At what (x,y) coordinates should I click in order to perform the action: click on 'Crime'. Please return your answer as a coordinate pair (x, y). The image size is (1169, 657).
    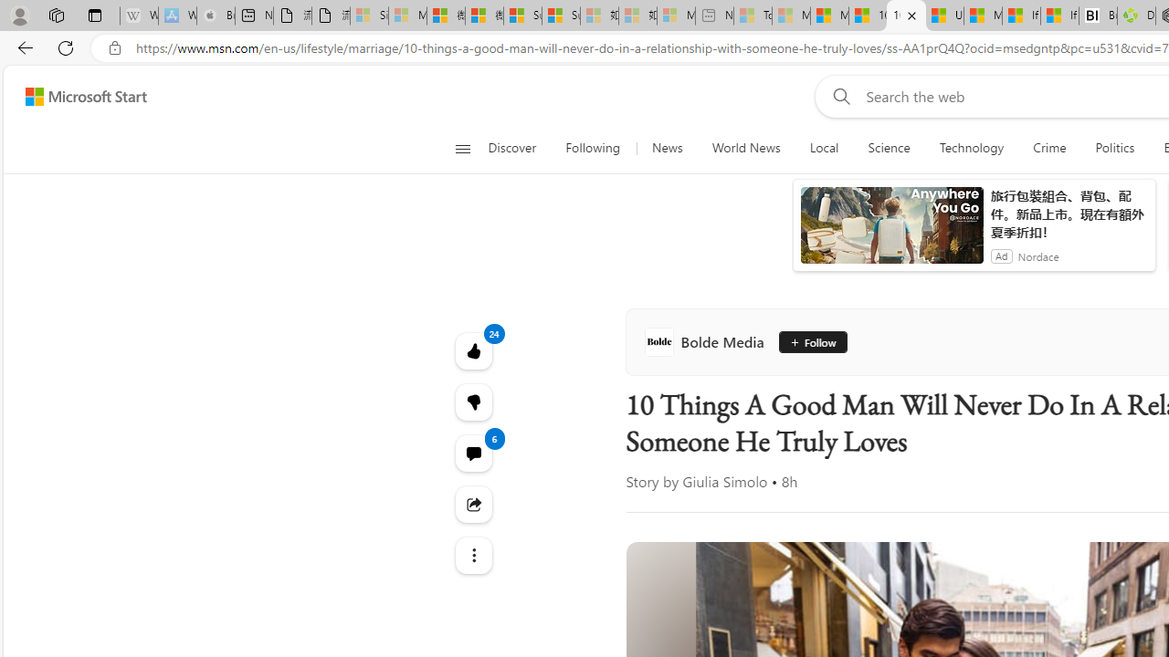
    Looking at the image, I should click on (1049, 148).